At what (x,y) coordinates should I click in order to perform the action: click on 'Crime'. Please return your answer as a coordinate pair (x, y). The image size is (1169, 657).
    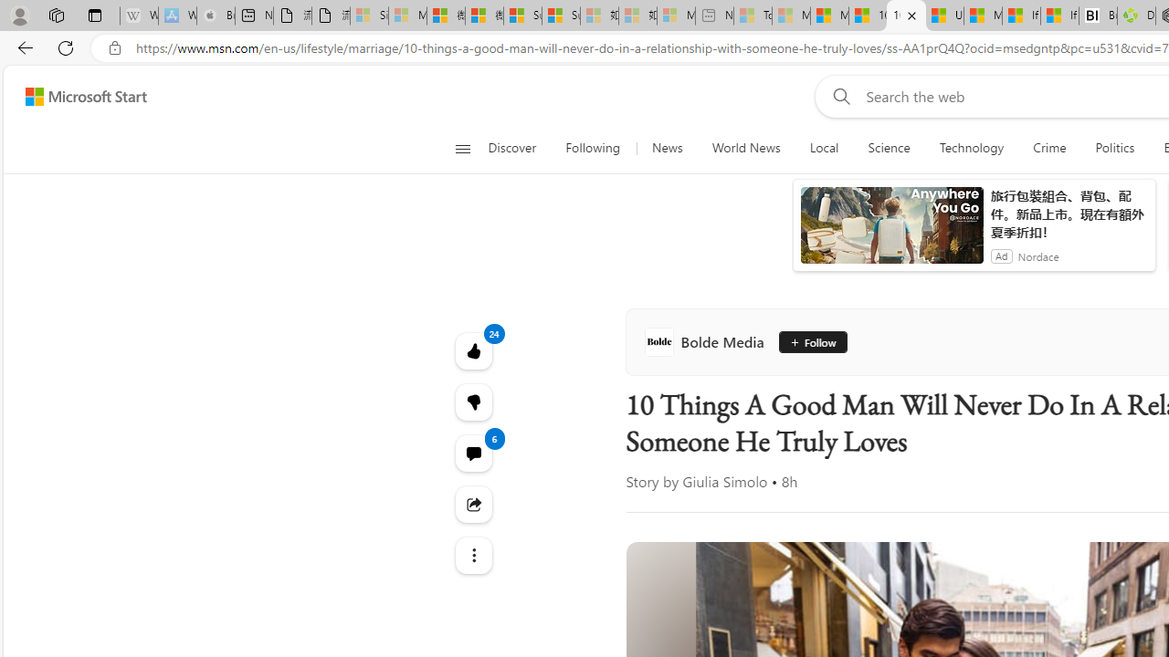
    Looking at the image, I should click on (1049, 148).